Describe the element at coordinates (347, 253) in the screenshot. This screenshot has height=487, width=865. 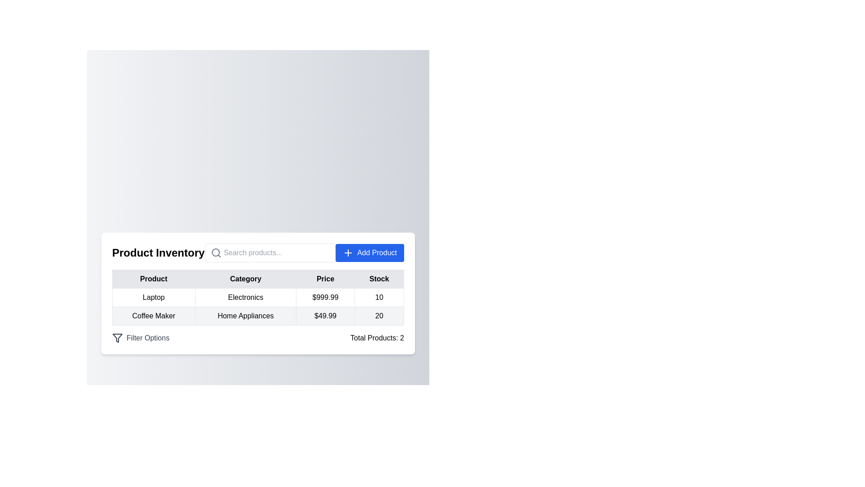
I see `the SVG-based graphical icon that serves as a visual indicator for adding a new product, located on the right side of the 'Add Product' button in the upper right section of the product inventory interface` at that location.